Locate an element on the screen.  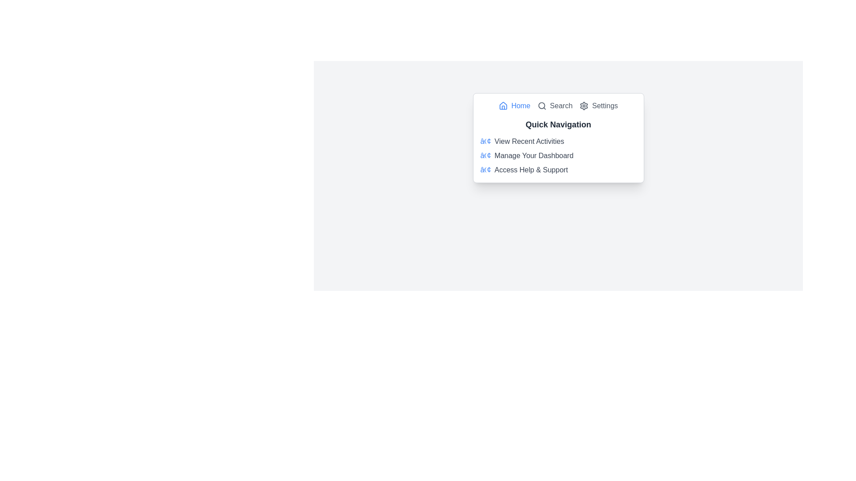
the decorative bullet point icon located to the left of the text 'Manage Your Dashboard' is located at coordinates (485, 155).